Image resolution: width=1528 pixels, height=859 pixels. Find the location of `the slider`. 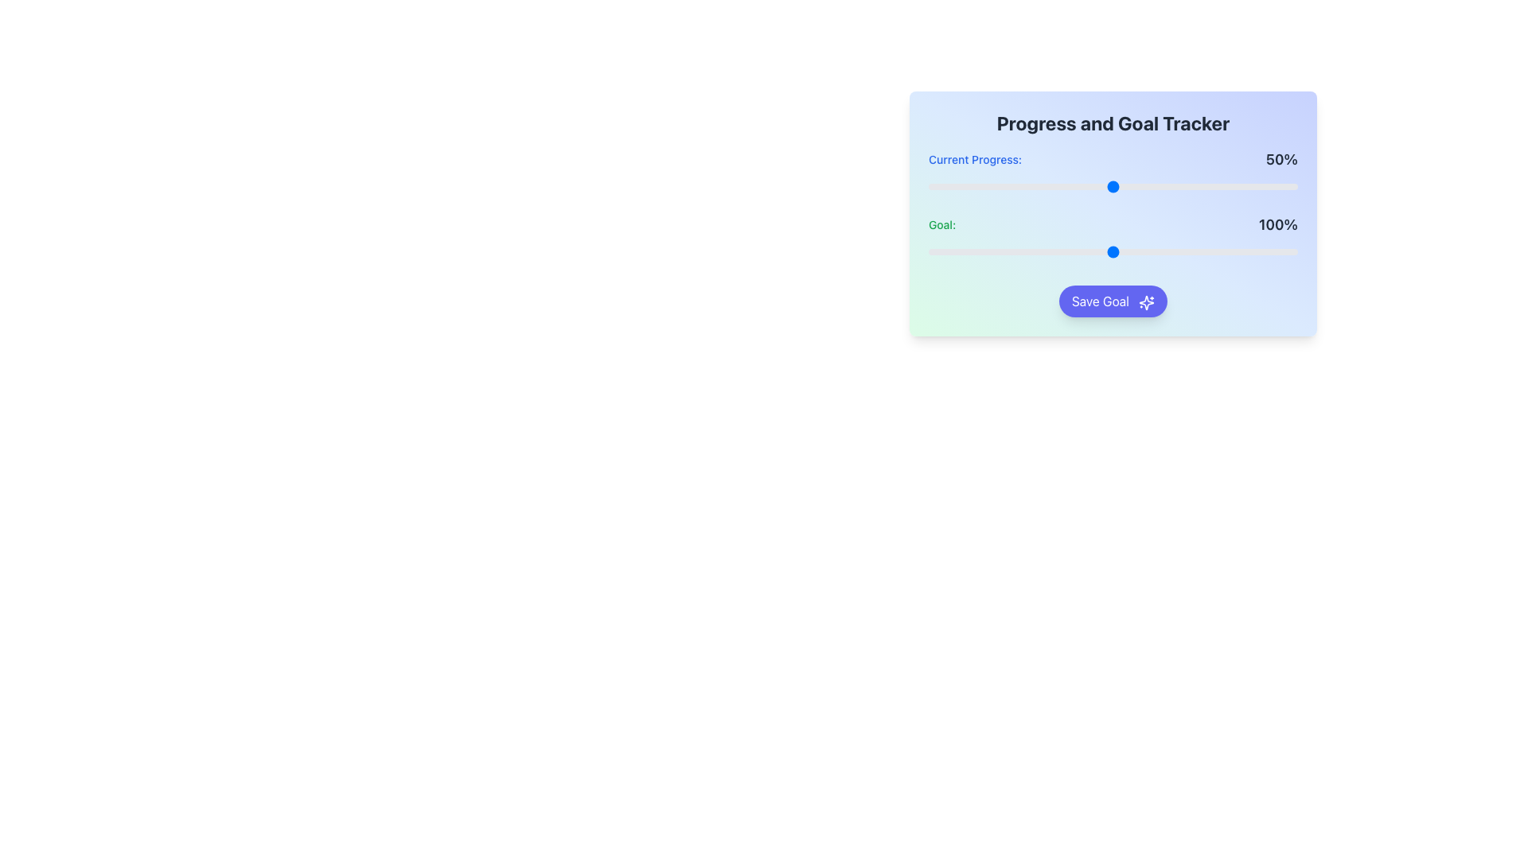

the slider is located at coordinates (1241, 186).